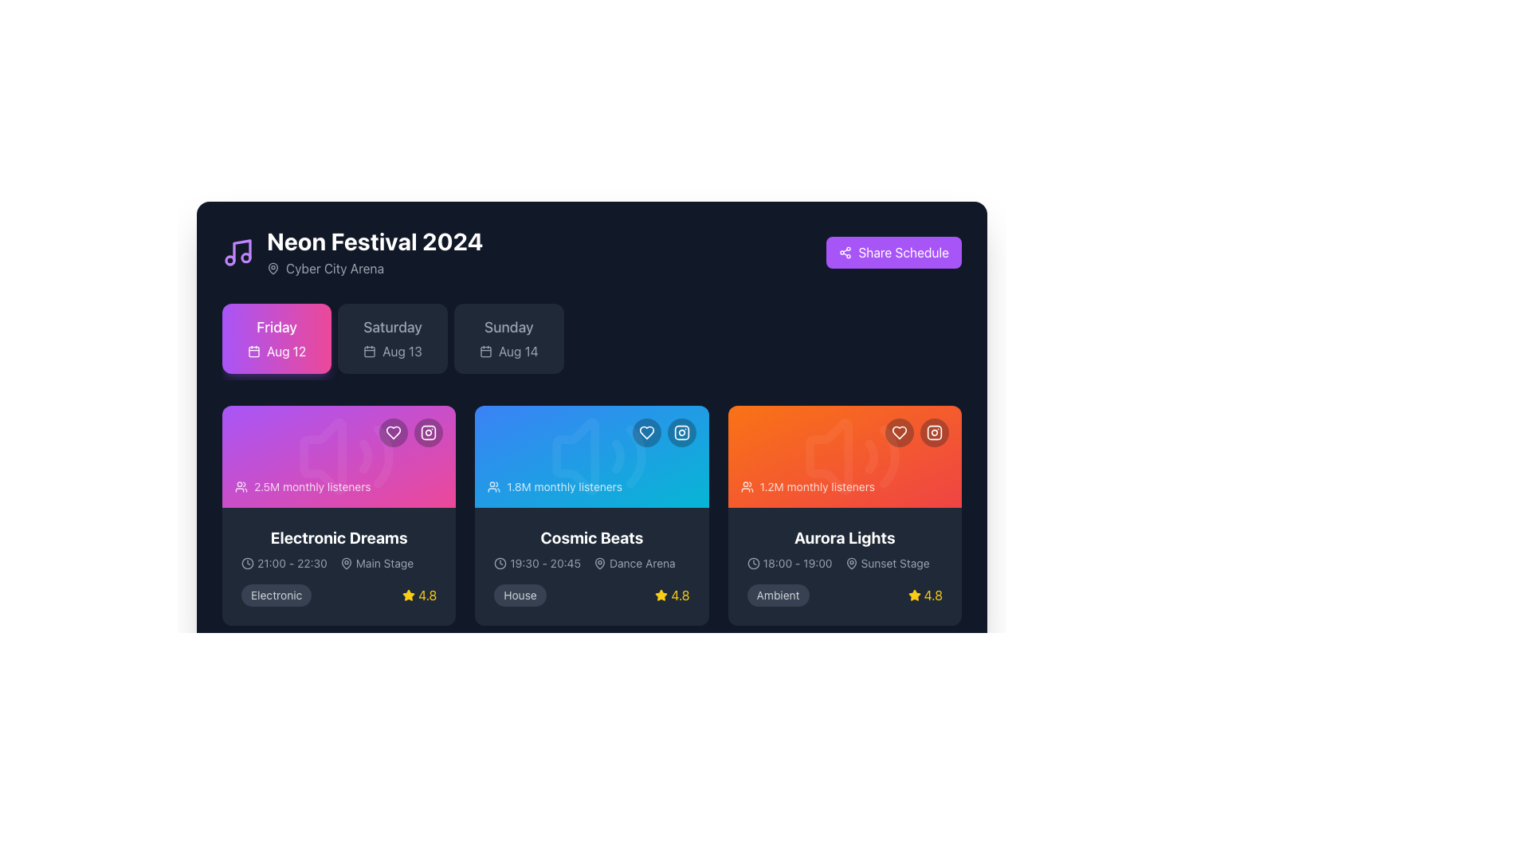 Image resolution: width=1530 pixels, height=861 pixels. What do you see at coordinates (374, 267) in the screenshot?
I see `the static text element displaying 'Cyber City Arena' with a map pin icon, located below the header 'Neon Festival 2024'` at bounding box center [374, 267].